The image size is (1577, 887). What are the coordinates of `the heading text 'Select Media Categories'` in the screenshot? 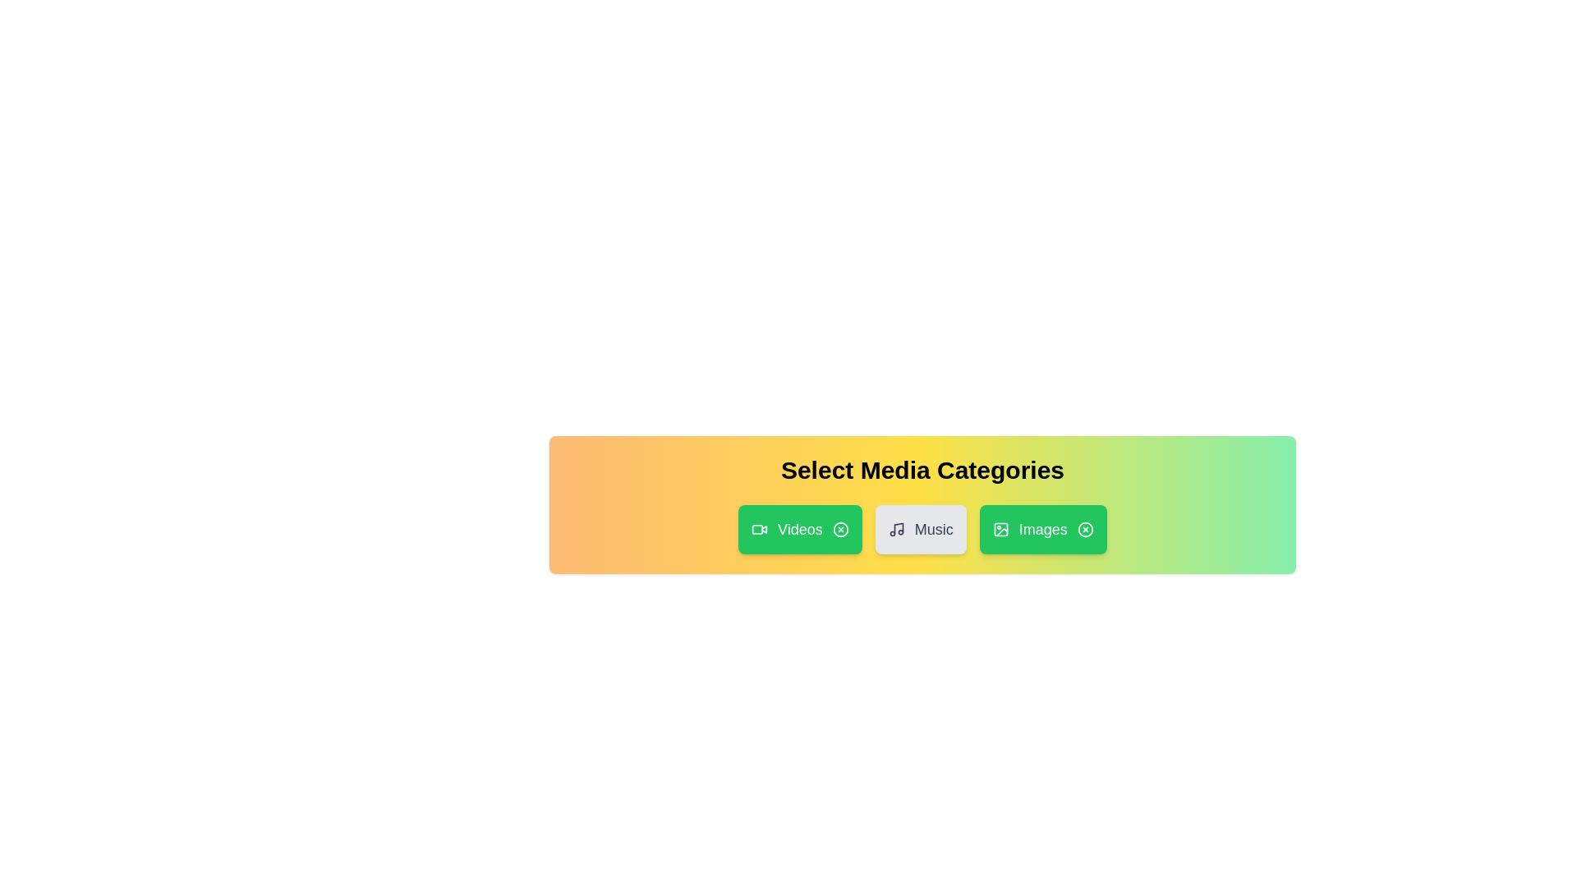 It's located at (922, 471).